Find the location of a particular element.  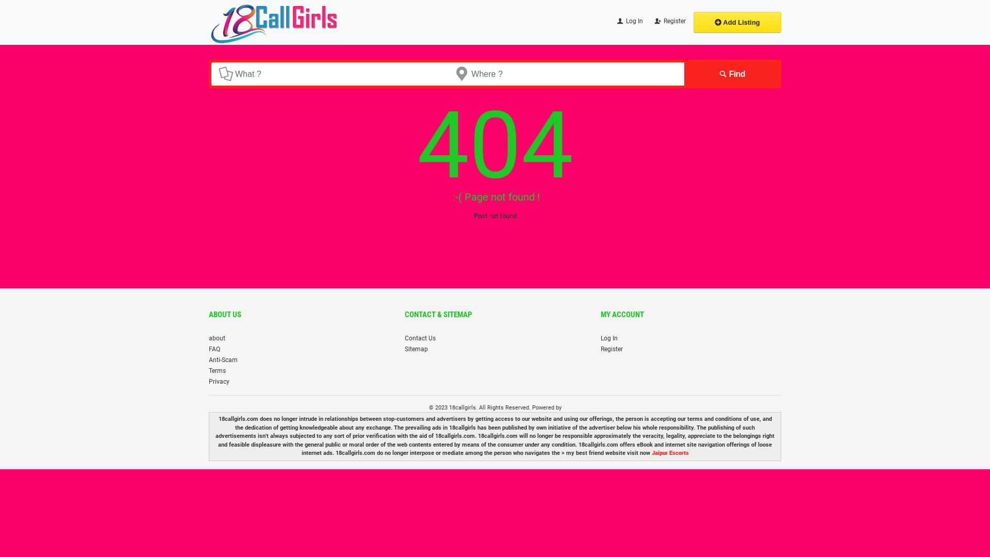

'Add Listing' is located at coordinates (737, 22).